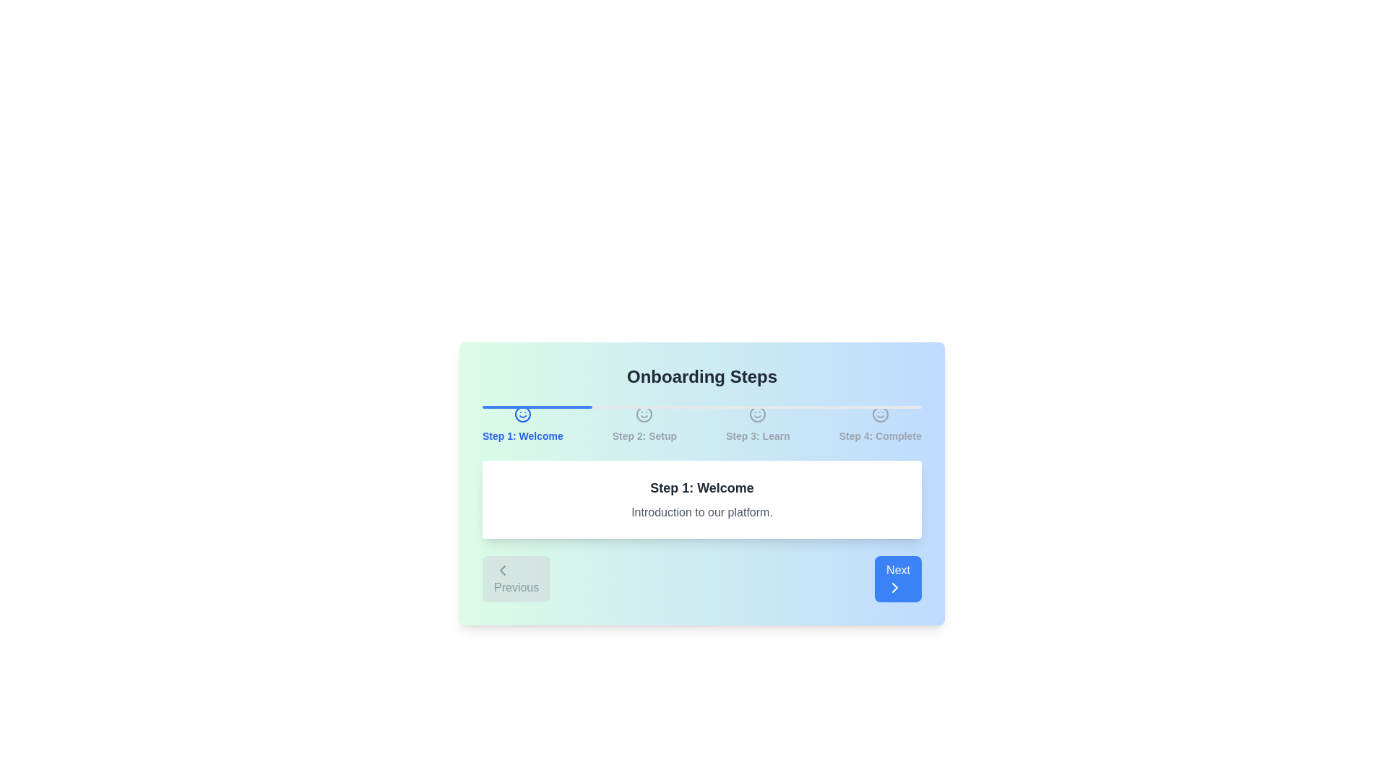 The image size is (1387, 780). What do you see at coordinates (537, 407) in the screenshot?
I see `the blue progress bar segment that represents one quarter of the total progress bar width, located above the 'Step 1: Welcome' label` at bounding box center [537, 407].